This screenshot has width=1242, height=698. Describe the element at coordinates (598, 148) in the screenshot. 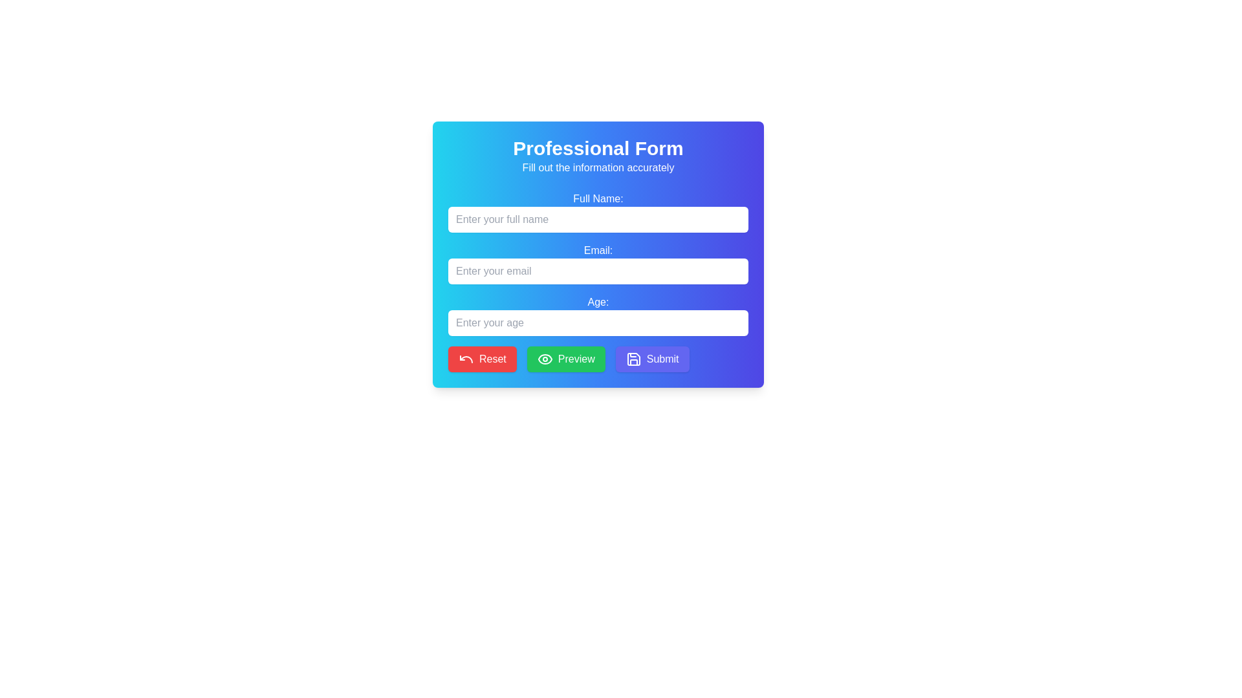

I see `header text at the top center of the form, which serves as a title indicating the form's purpose` at that location.